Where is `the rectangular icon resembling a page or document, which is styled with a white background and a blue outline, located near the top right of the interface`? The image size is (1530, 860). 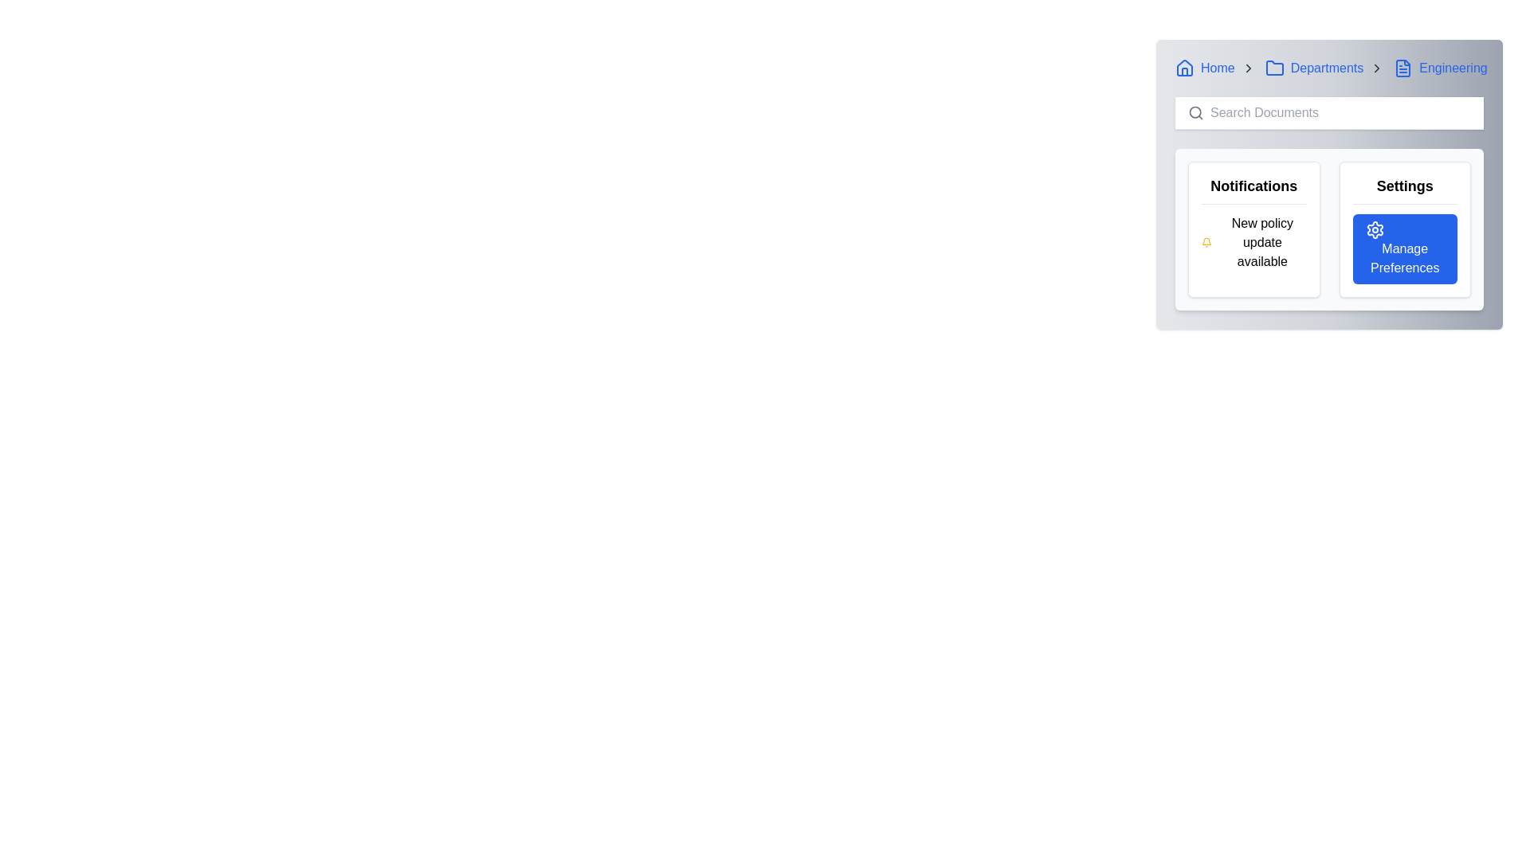 the rectangular icon resembling a page or document, which is styled with a white background and a blue outline, located near the top right of the interface is located at coordinates (1403, 67).